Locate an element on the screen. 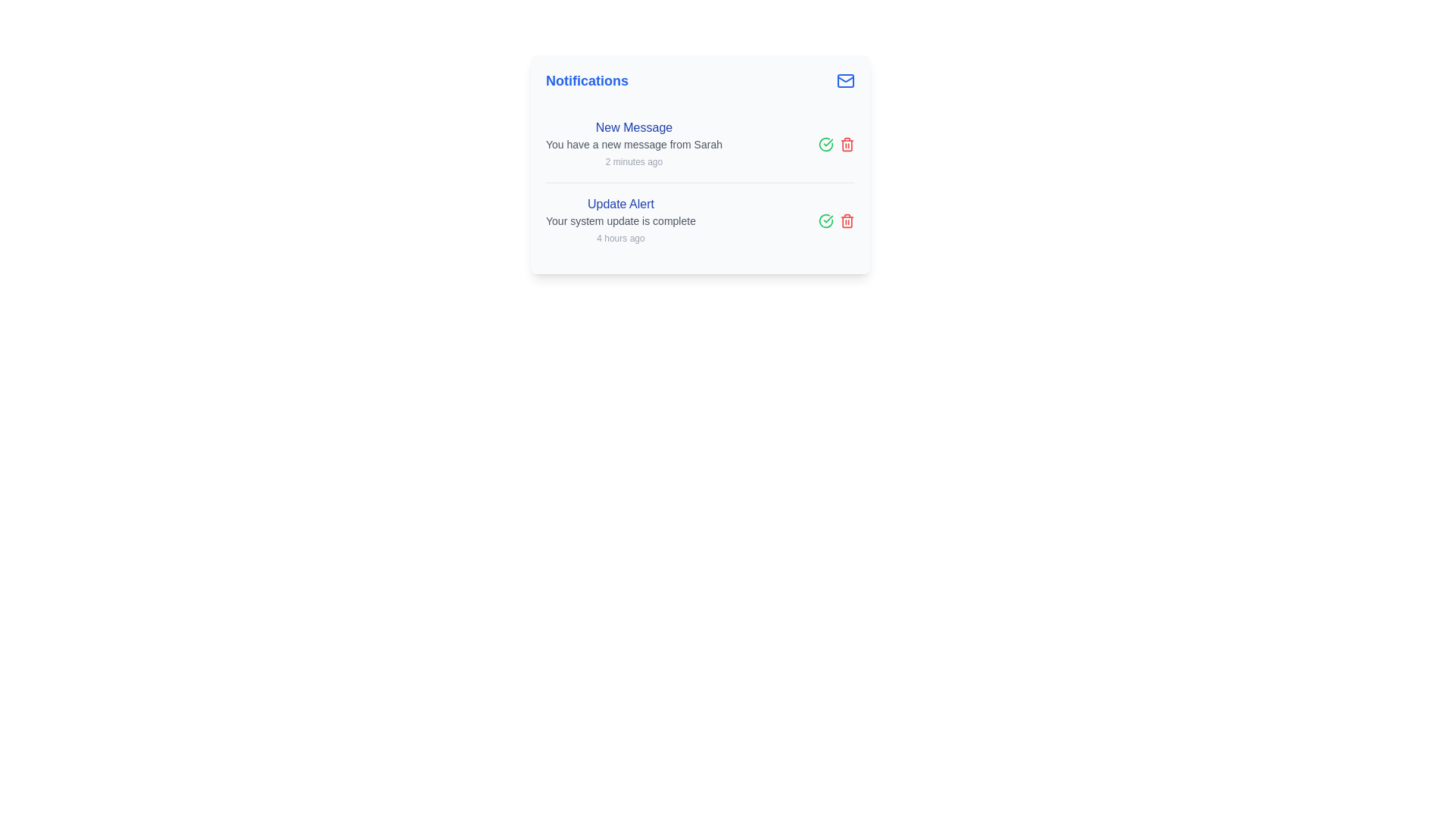 The width and height of the screenshot is (1454, 818). the IconButton that marks the notification as completed or acknowledged is located at coordinates (825, 221).